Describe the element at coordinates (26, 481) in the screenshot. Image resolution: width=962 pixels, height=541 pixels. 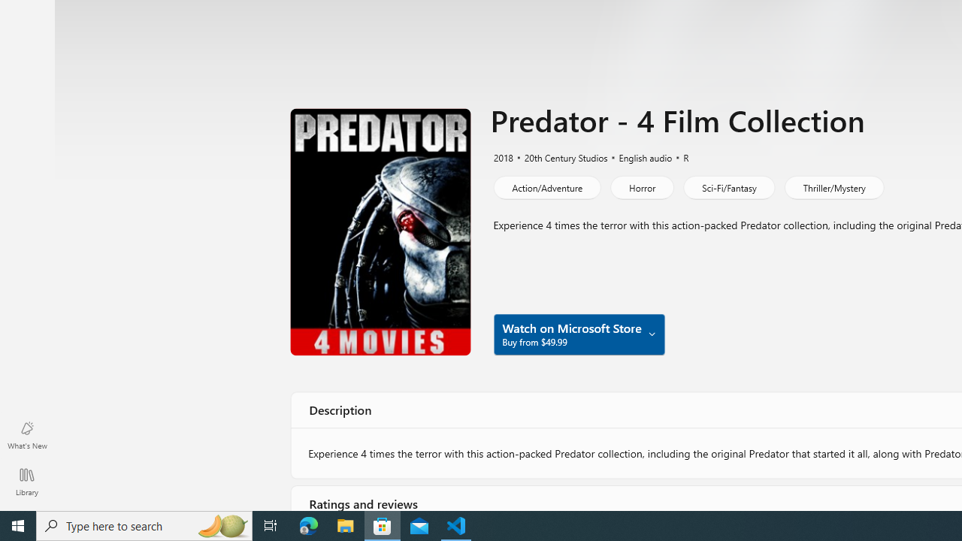
I see `'Library'` at that location.